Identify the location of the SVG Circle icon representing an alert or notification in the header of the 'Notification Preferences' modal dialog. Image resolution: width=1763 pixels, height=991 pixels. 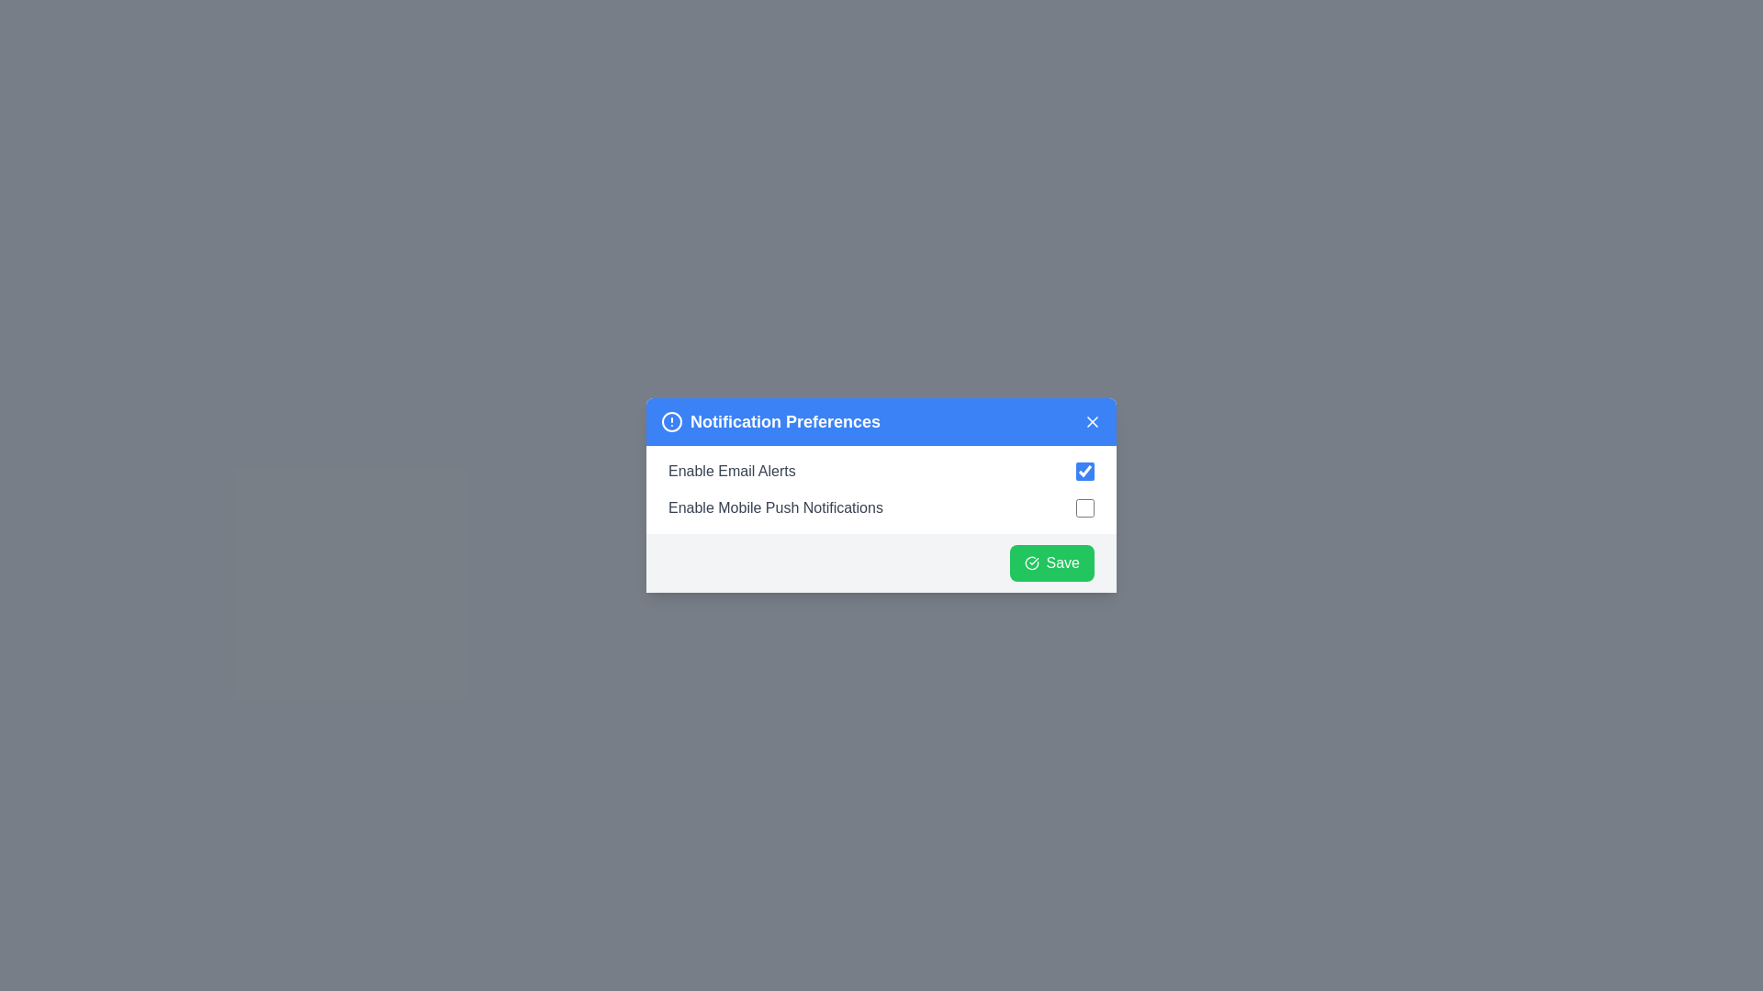
(670, 421).